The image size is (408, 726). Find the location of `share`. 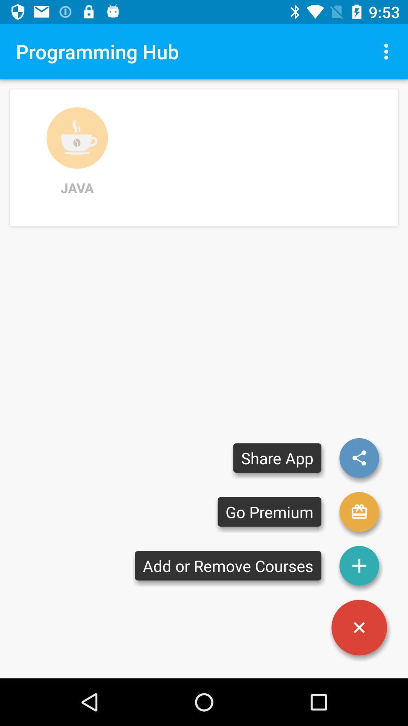

share is located at coordinates (359, 458).